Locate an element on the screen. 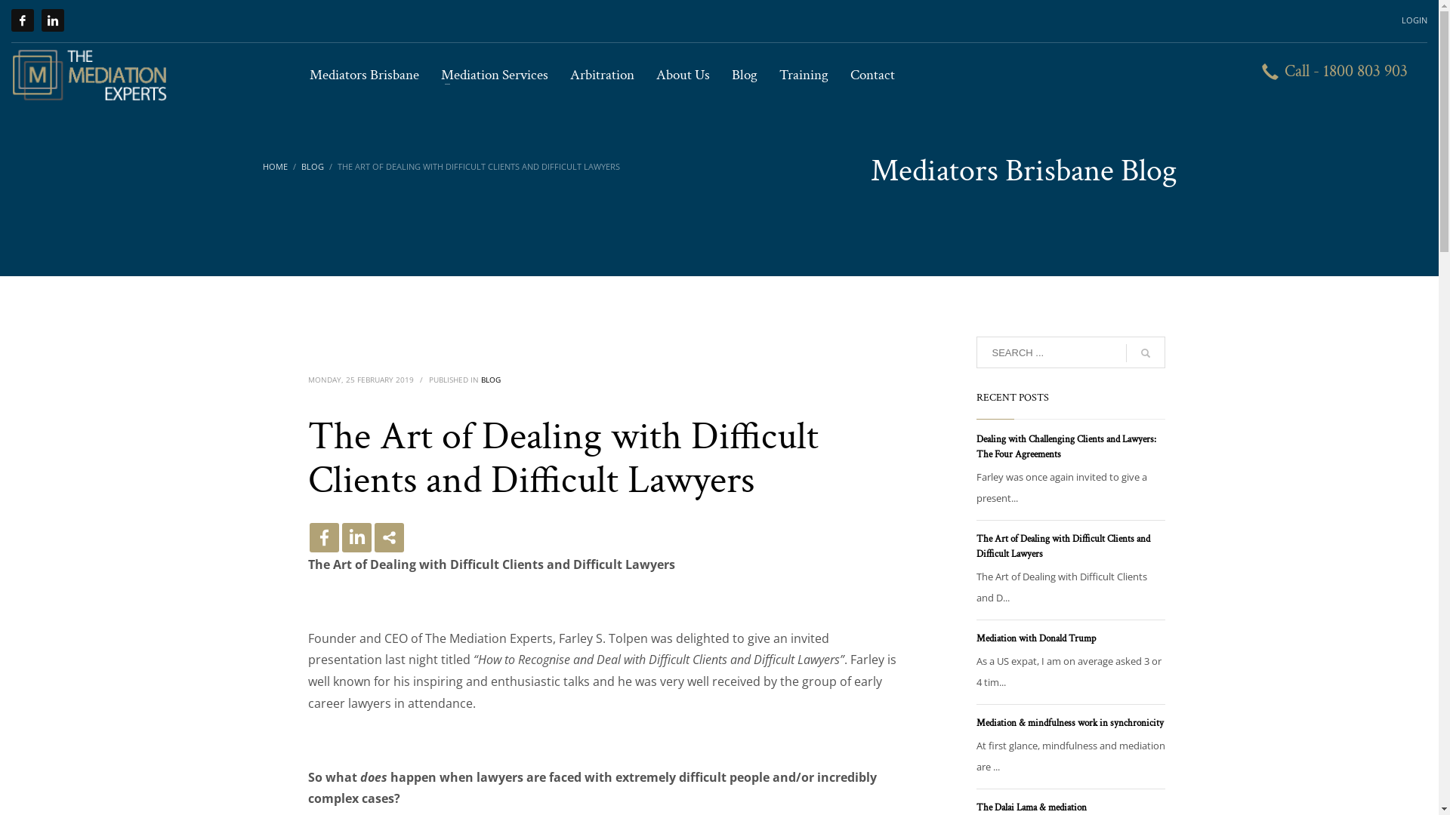  'BLOG' is located at coordinates (489, 378).